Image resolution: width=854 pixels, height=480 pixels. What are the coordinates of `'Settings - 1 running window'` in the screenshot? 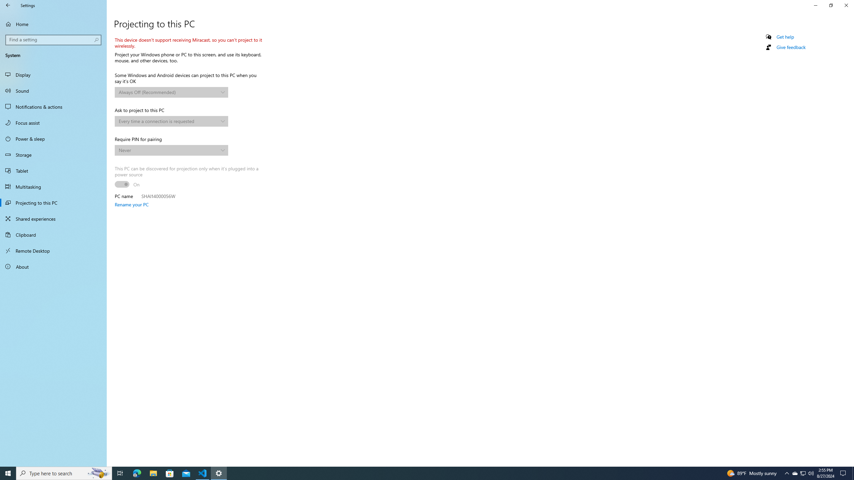 It's located at (219, 473).